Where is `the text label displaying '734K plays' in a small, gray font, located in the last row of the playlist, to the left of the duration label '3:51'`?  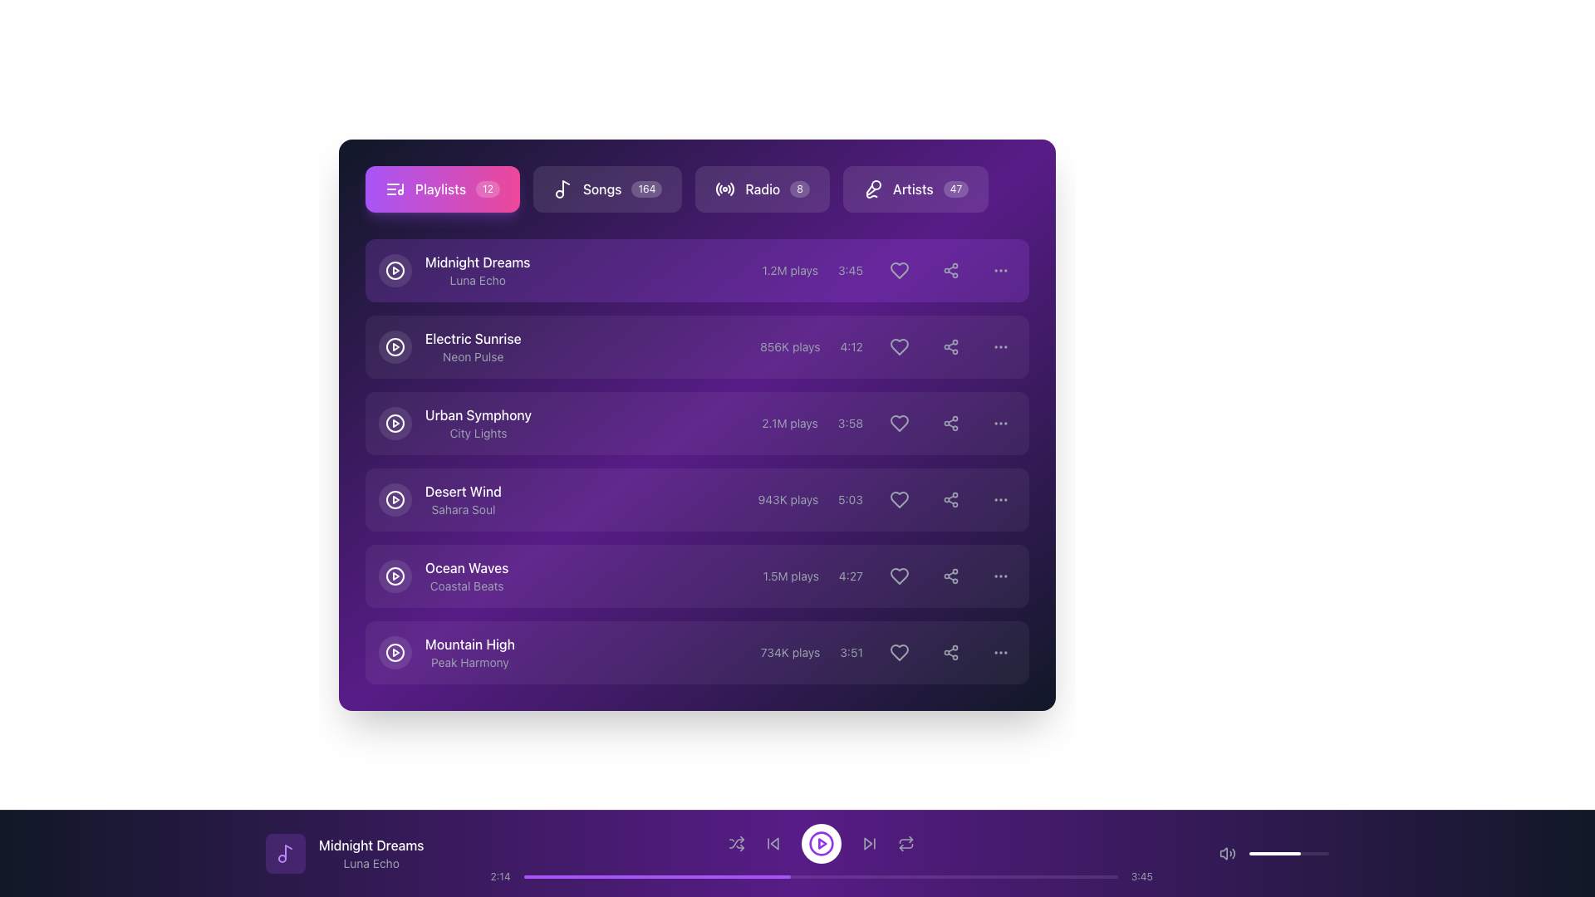 the text label displaying '734K plays' in a small, gray font, located in the last row of the playlist, to the left of the duration label '3:51' is located at coordinates (789, 652).